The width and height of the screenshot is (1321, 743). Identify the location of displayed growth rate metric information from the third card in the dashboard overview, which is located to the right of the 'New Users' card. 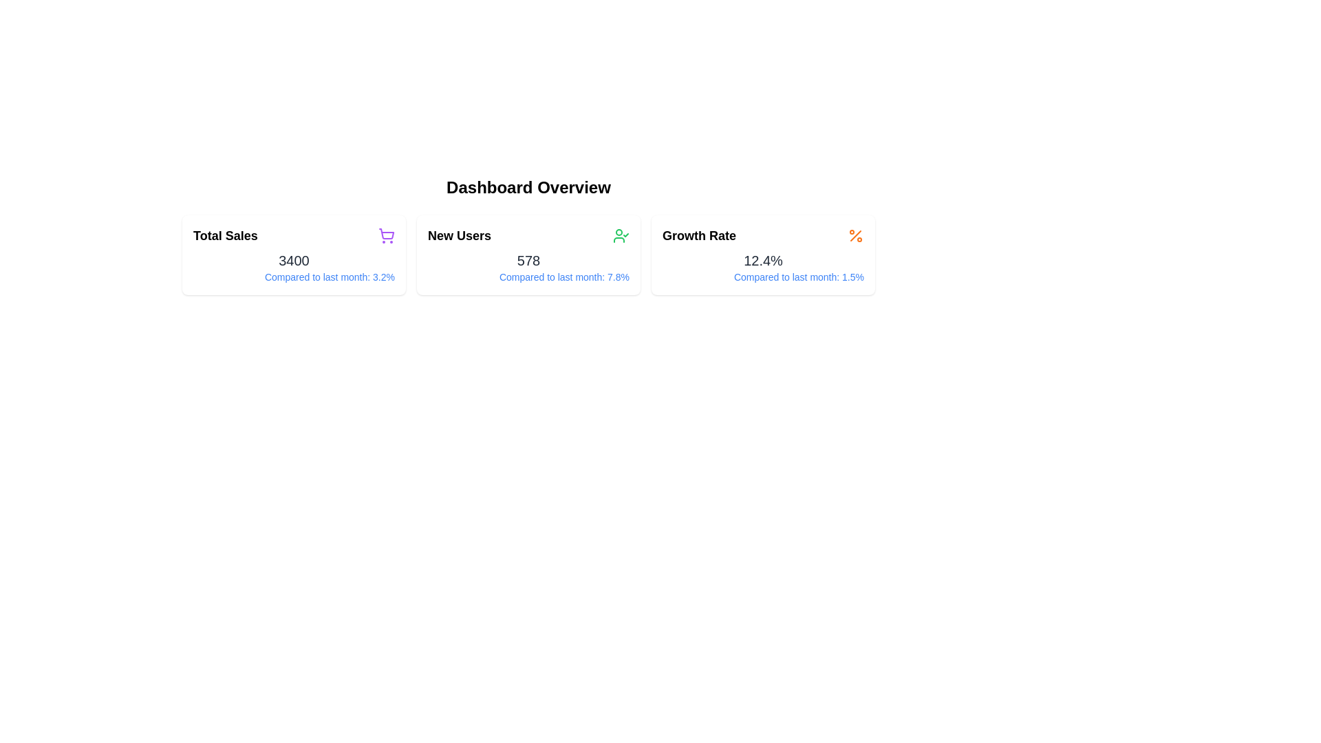
(762, 255).